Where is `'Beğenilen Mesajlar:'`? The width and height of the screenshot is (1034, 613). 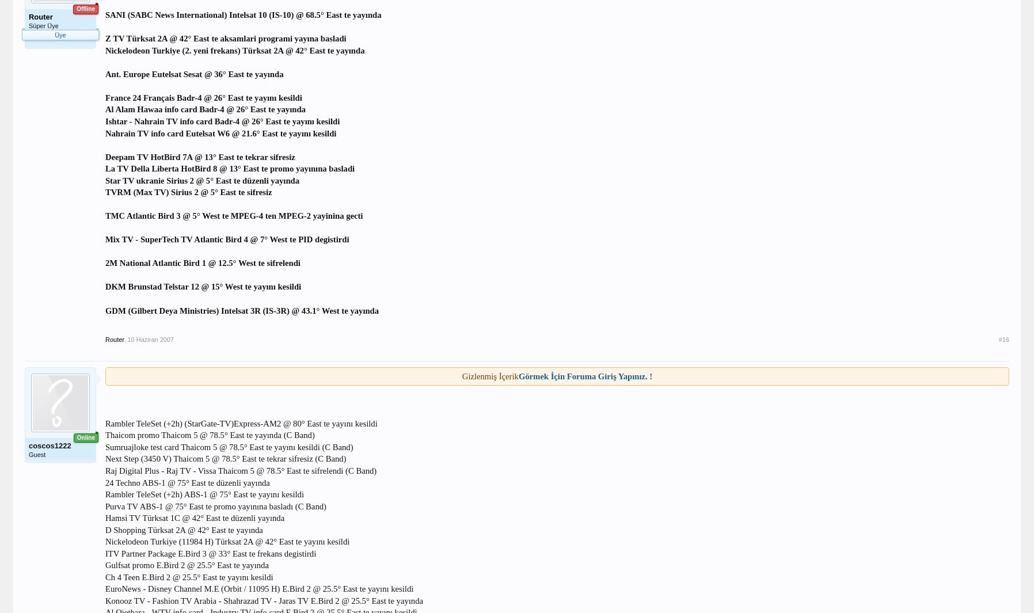 'Beğenilen Mesajlar:' is located at coordinates (53, 70).